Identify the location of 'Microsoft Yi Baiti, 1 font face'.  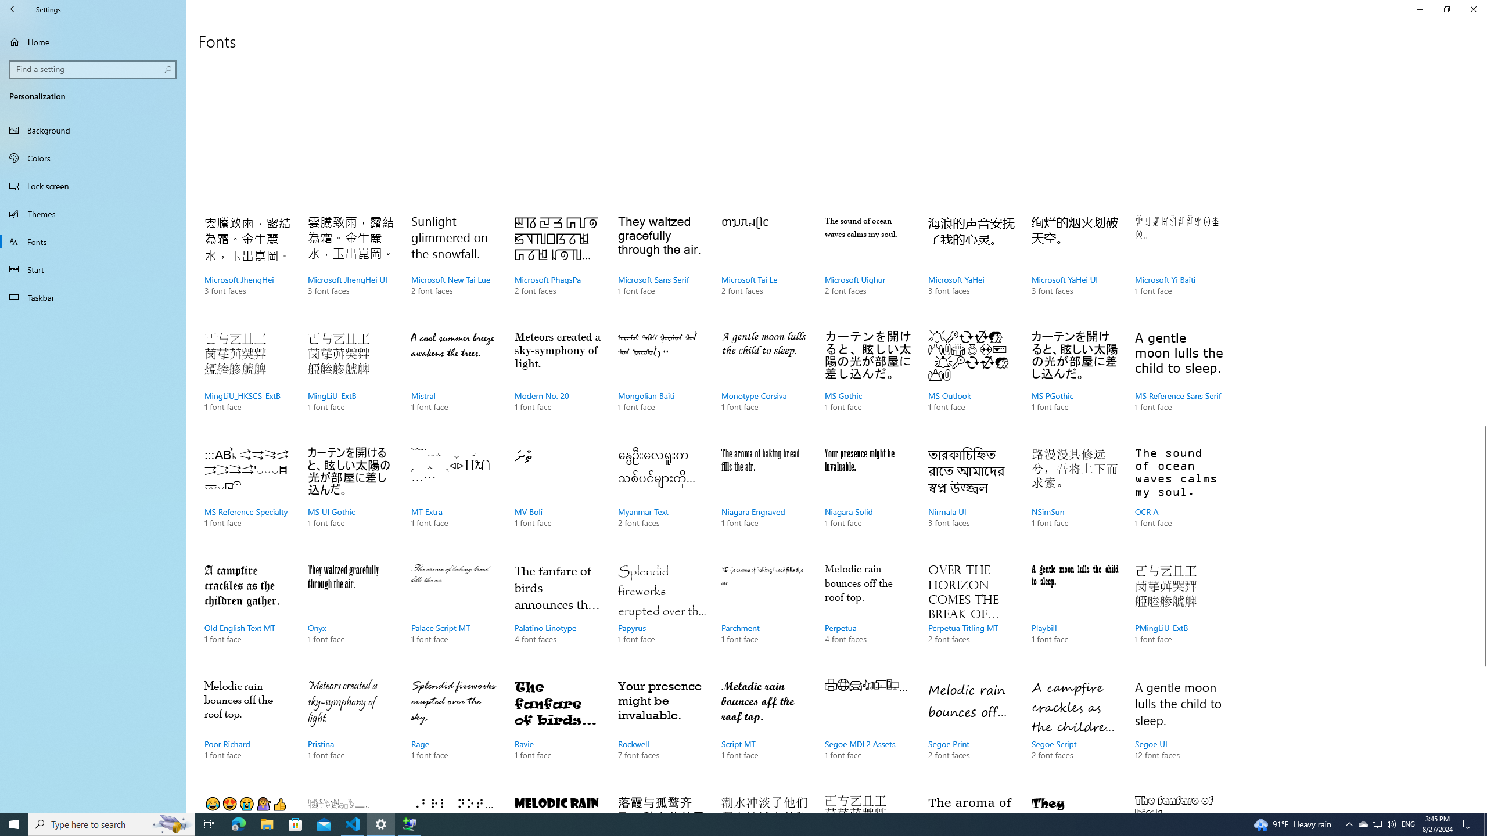
(1177, 266).